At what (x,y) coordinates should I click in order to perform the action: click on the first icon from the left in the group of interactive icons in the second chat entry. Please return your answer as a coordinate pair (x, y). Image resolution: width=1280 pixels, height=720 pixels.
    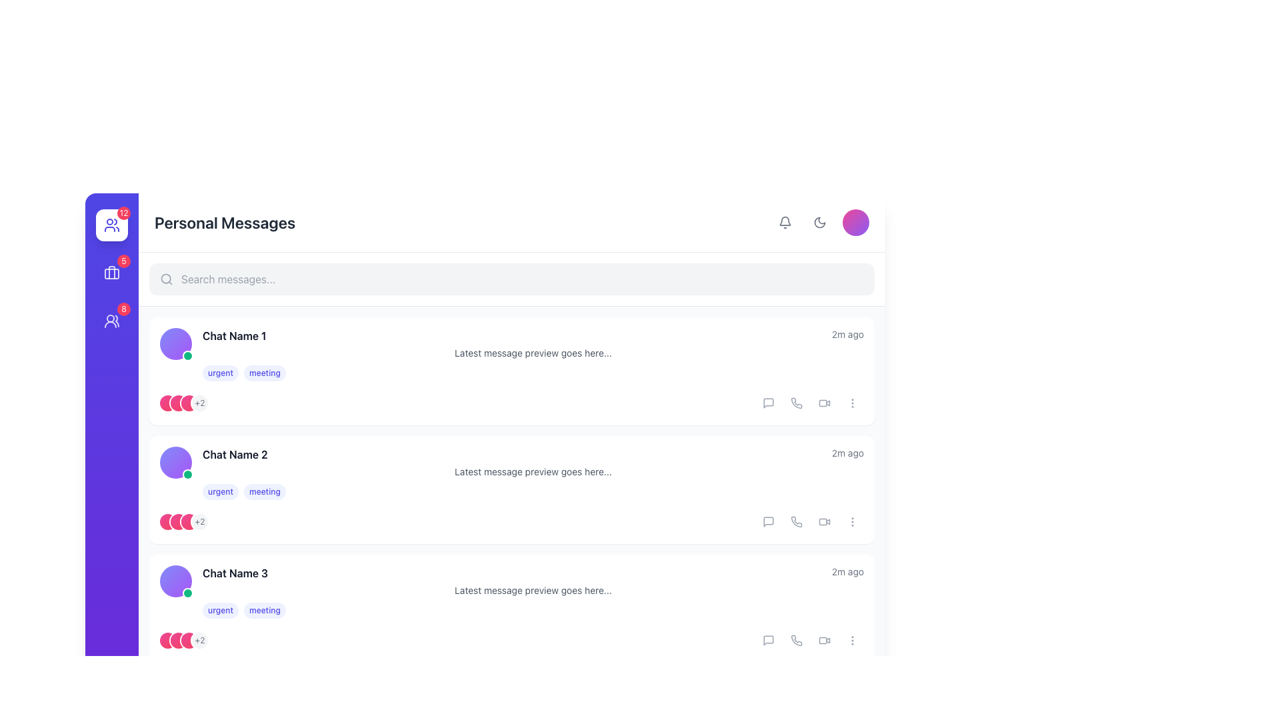
    Looking at the image, I should click on (768, 521).